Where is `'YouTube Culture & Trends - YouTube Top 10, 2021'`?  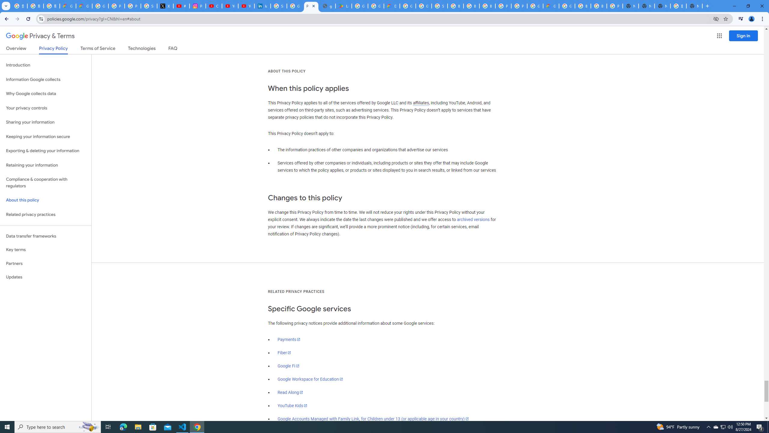
'YouTube Culture & Trends - YouTube Top 10, 2021' is located at coordinates (246, 6).